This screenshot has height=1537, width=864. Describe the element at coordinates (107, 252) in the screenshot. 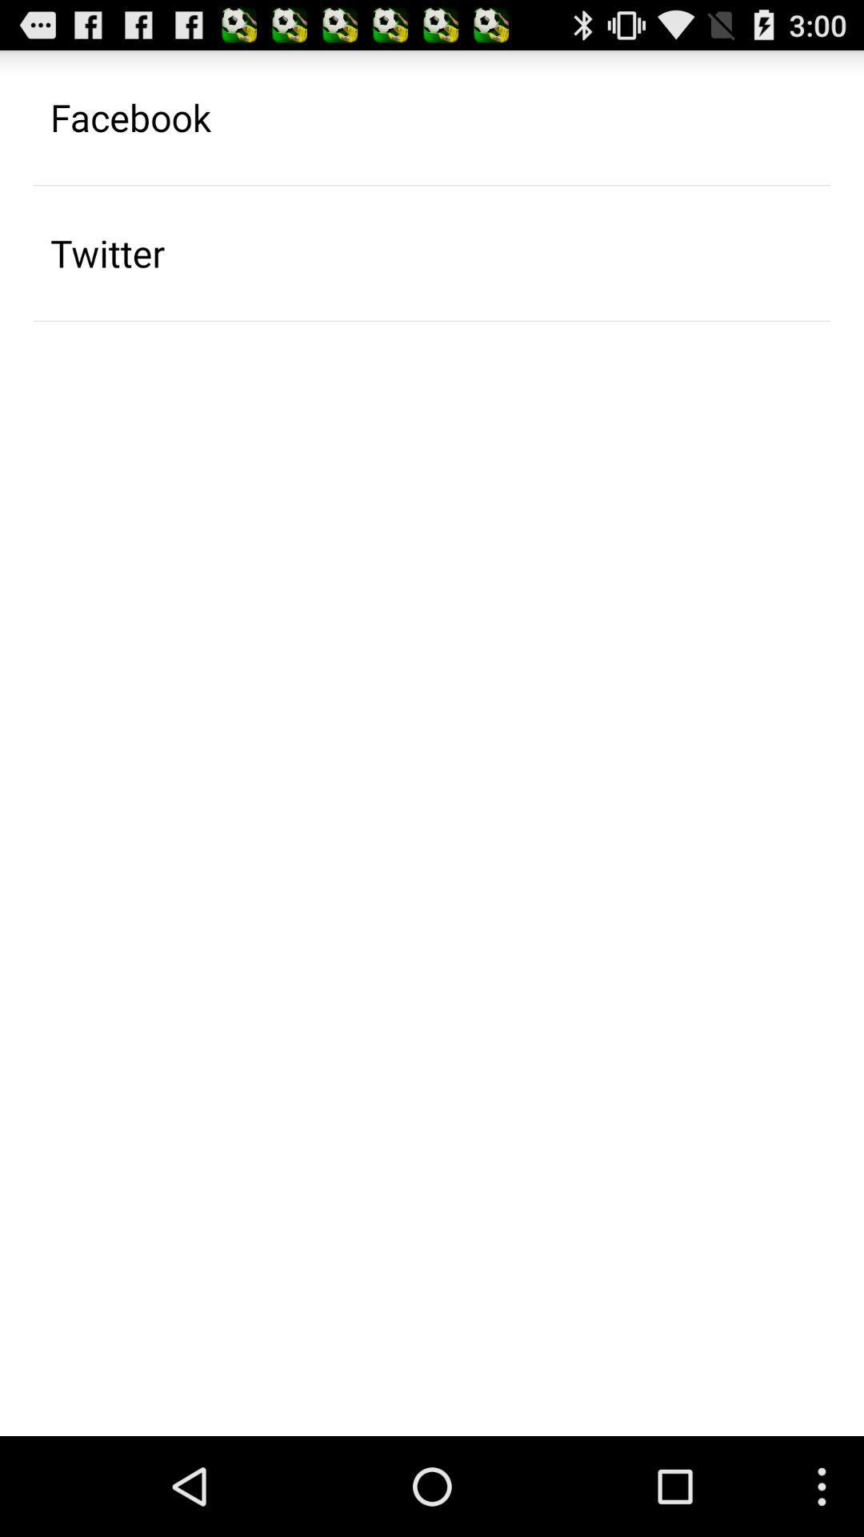

I see `the icon below the facebook` at that location.